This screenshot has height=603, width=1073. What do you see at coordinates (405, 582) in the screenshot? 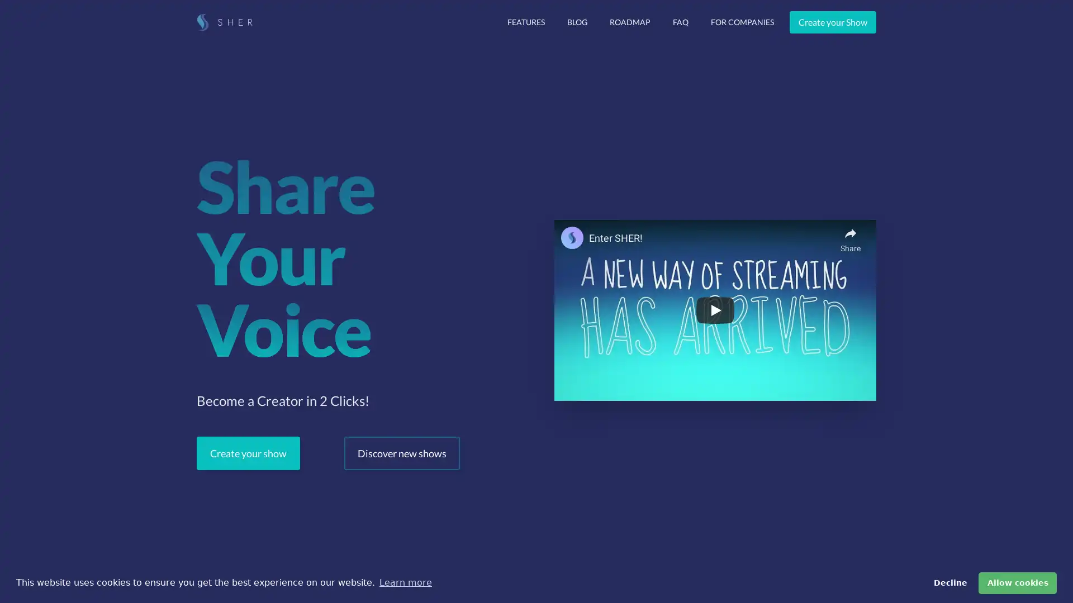
I see `learn more about cookies` at bounding box center [405, 582].